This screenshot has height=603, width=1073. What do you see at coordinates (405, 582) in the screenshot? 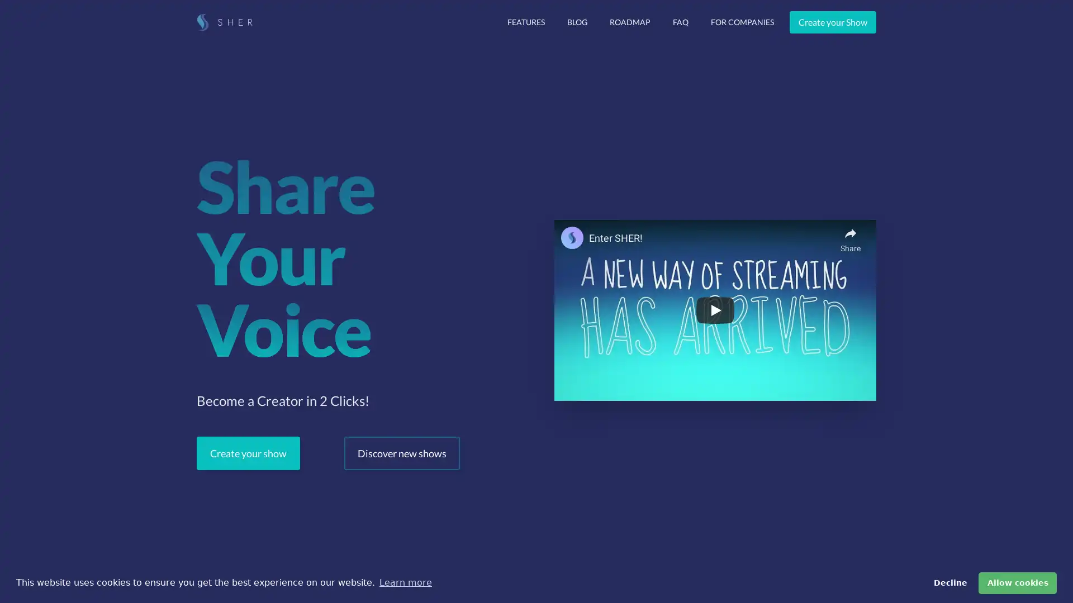
I see `learn more about cookies` at bounding box center [405, 582].